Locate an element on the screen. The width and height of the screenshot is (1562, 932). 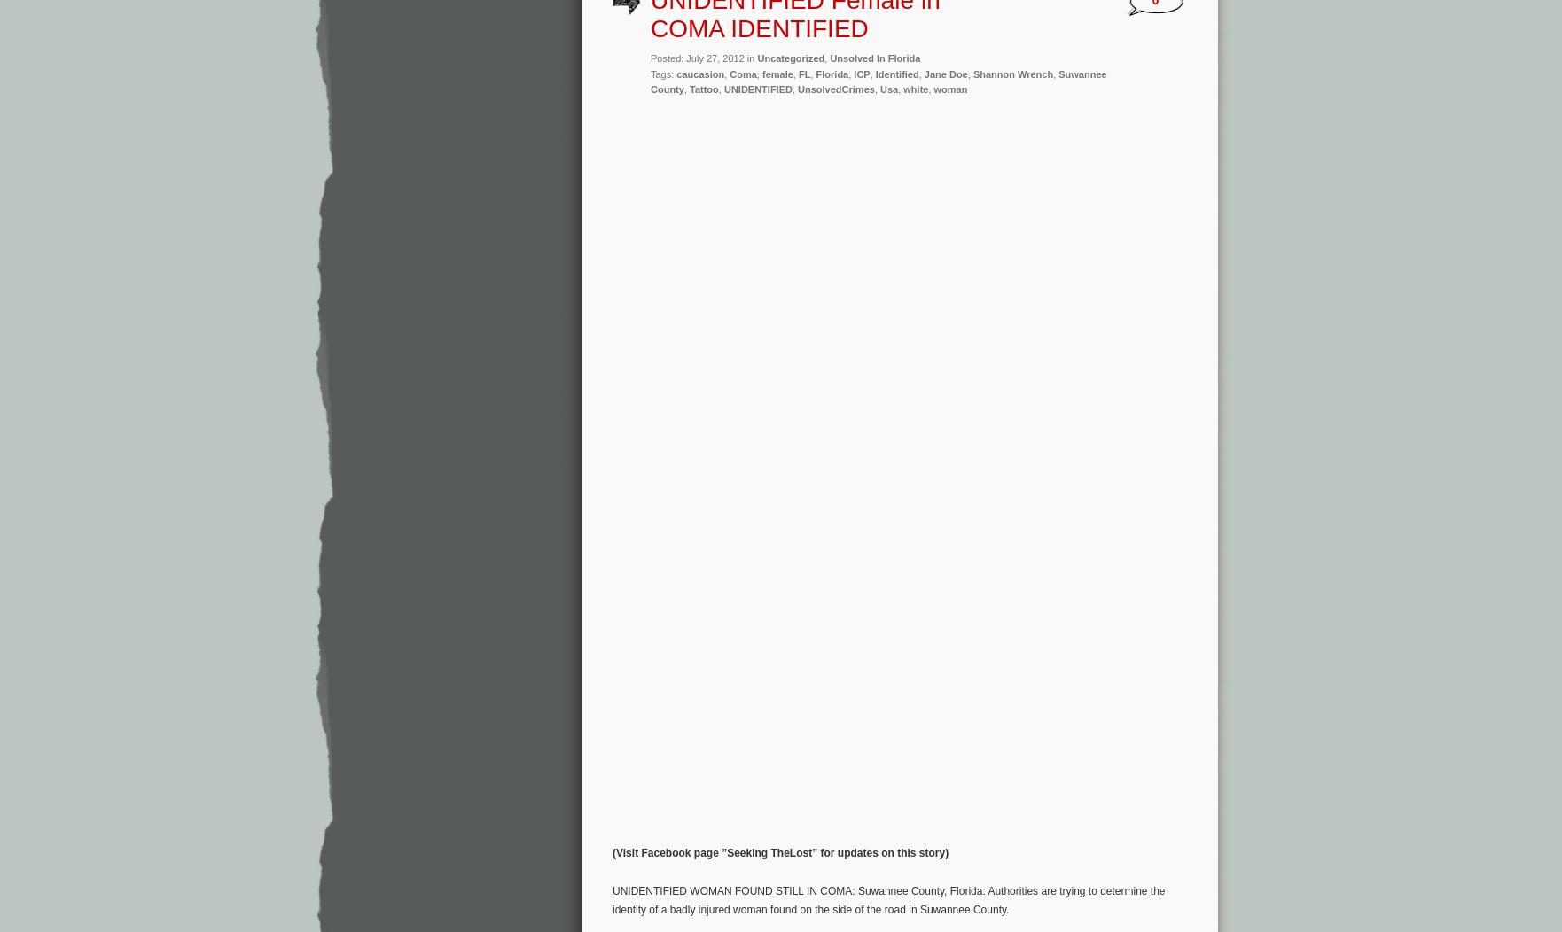
'woman' is located at coordinates (950, 89).